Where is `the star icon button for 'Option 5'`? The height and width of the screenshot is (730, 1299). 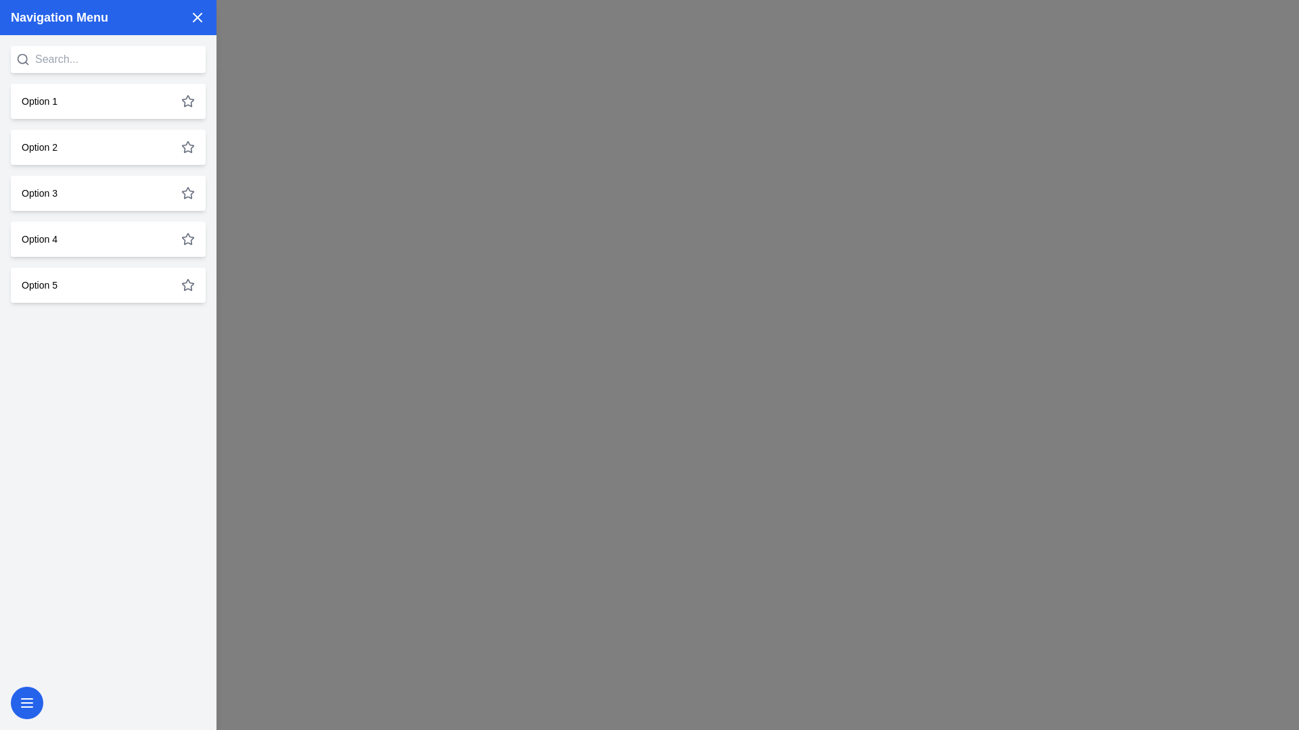 the star icon button for 'Option 5' is located at coordinates (187, 284).